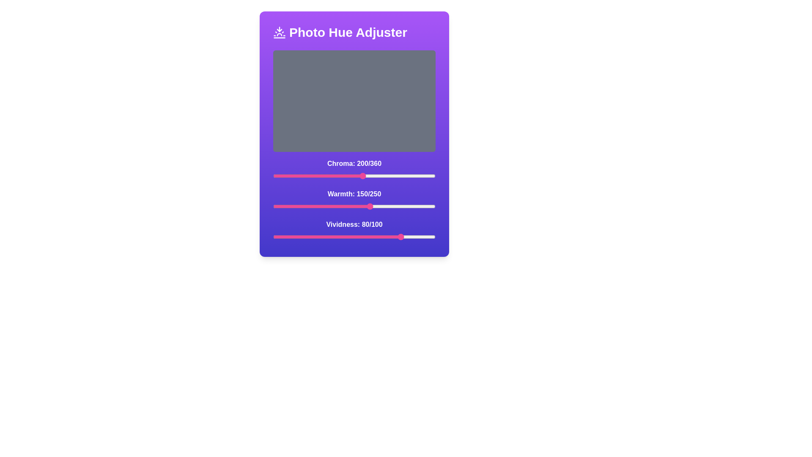 This screenshot has height=457, width=812. I want to click on the vividness slider to 53 value, so click(359, 237).